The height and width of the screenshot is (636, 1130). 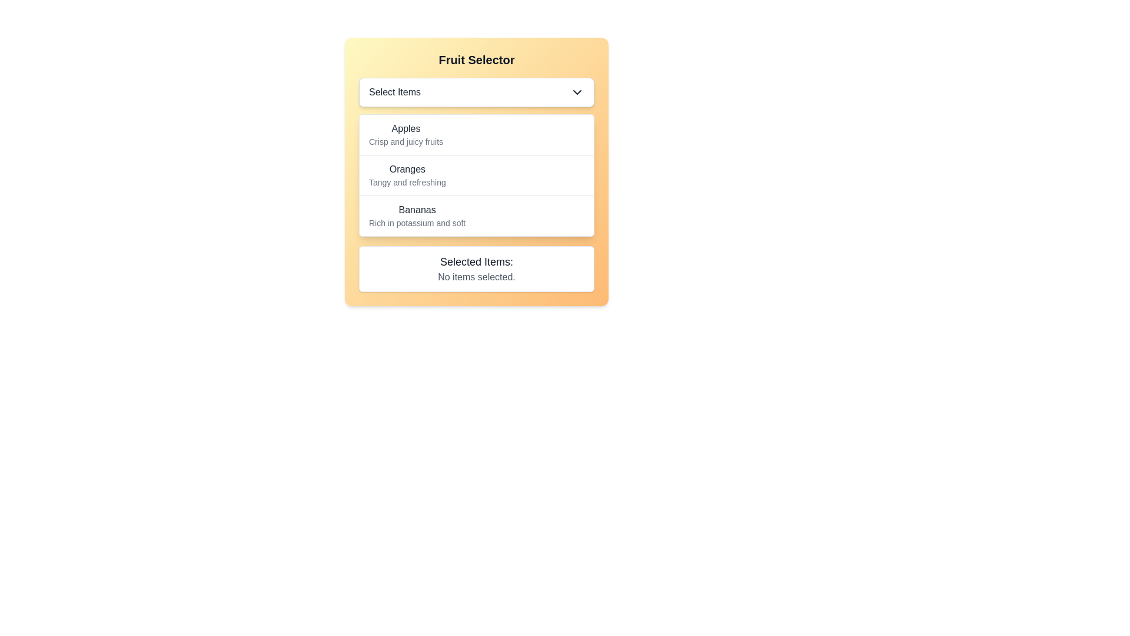 I want to click on the text label providing additional information about 'Apples' in the dropdown menu, which is positioned beneath the bold text 'Apples', so click(x=406, y=141).